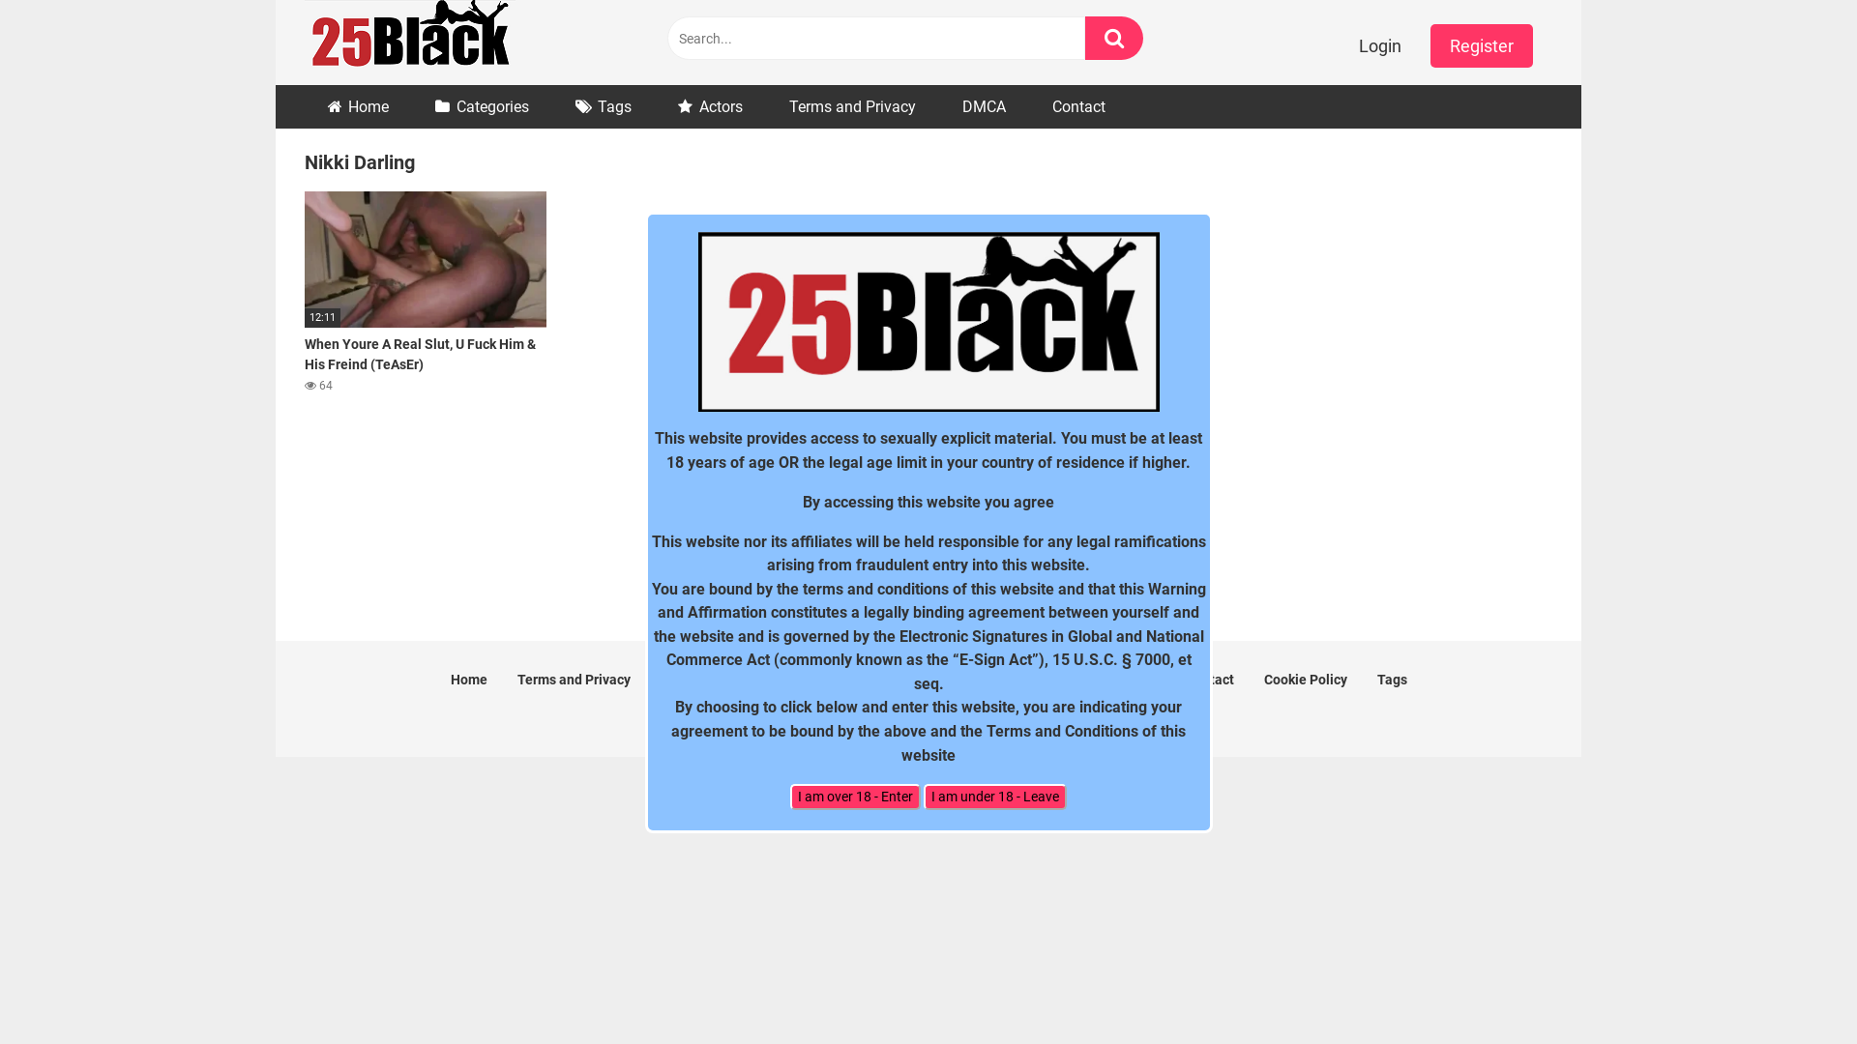 The height and width of the screenshot is (1044, 1857). I want to click on 'DMCA', so click(984, 106).